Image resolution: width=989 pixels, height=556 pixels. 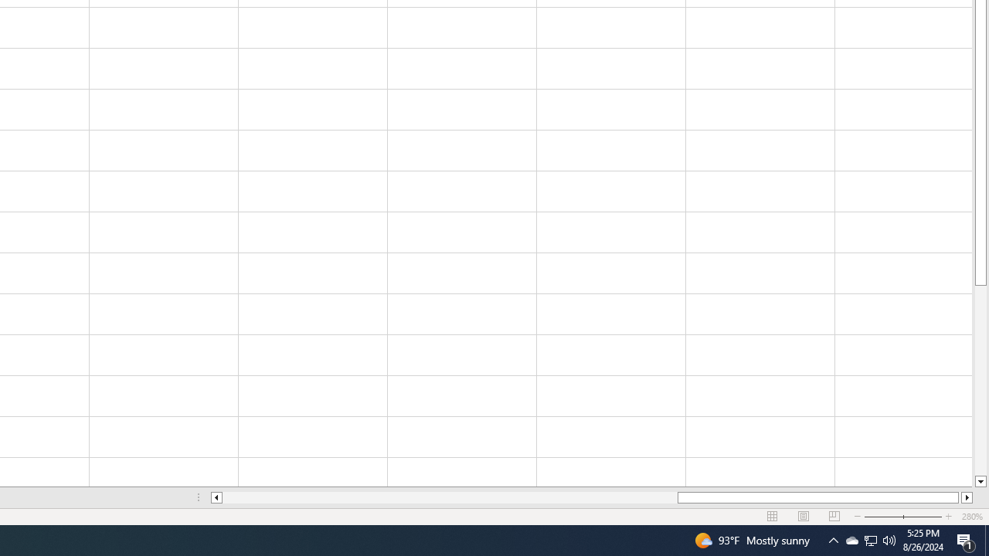 What do you see at coordinates (773, 517) in the screenshot?
I see `'Normal'` at bounding box center [773, 517].